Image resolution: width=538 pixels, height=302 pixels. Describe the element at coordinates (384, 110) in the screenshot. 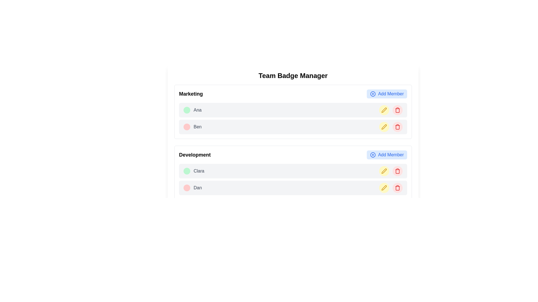

I see `the edit button represented by a yellow pen icon in the 'Marketing' section adjacent to the name 'Ben'` at that location.